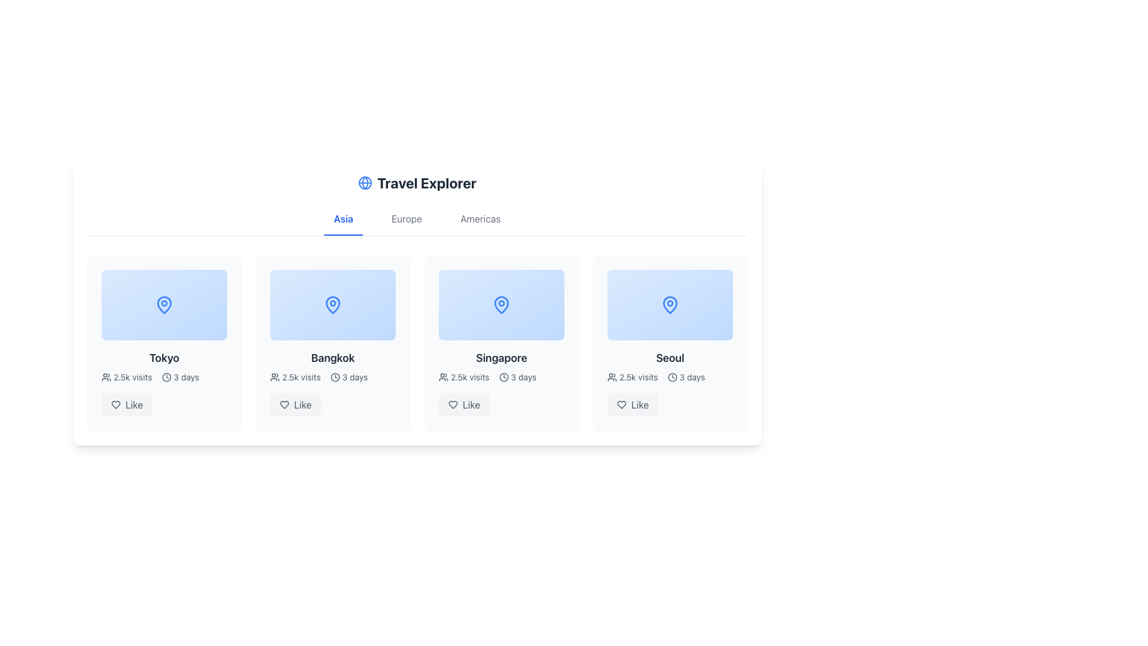 The width and height of the screenshot is (1148, 646). What do you see at coordinates (335, 377) in the screenshot?
I see `the clock icon representing the duration for the destination 'Bangkok' in the second card from the left` at bounding box center [335, 377].